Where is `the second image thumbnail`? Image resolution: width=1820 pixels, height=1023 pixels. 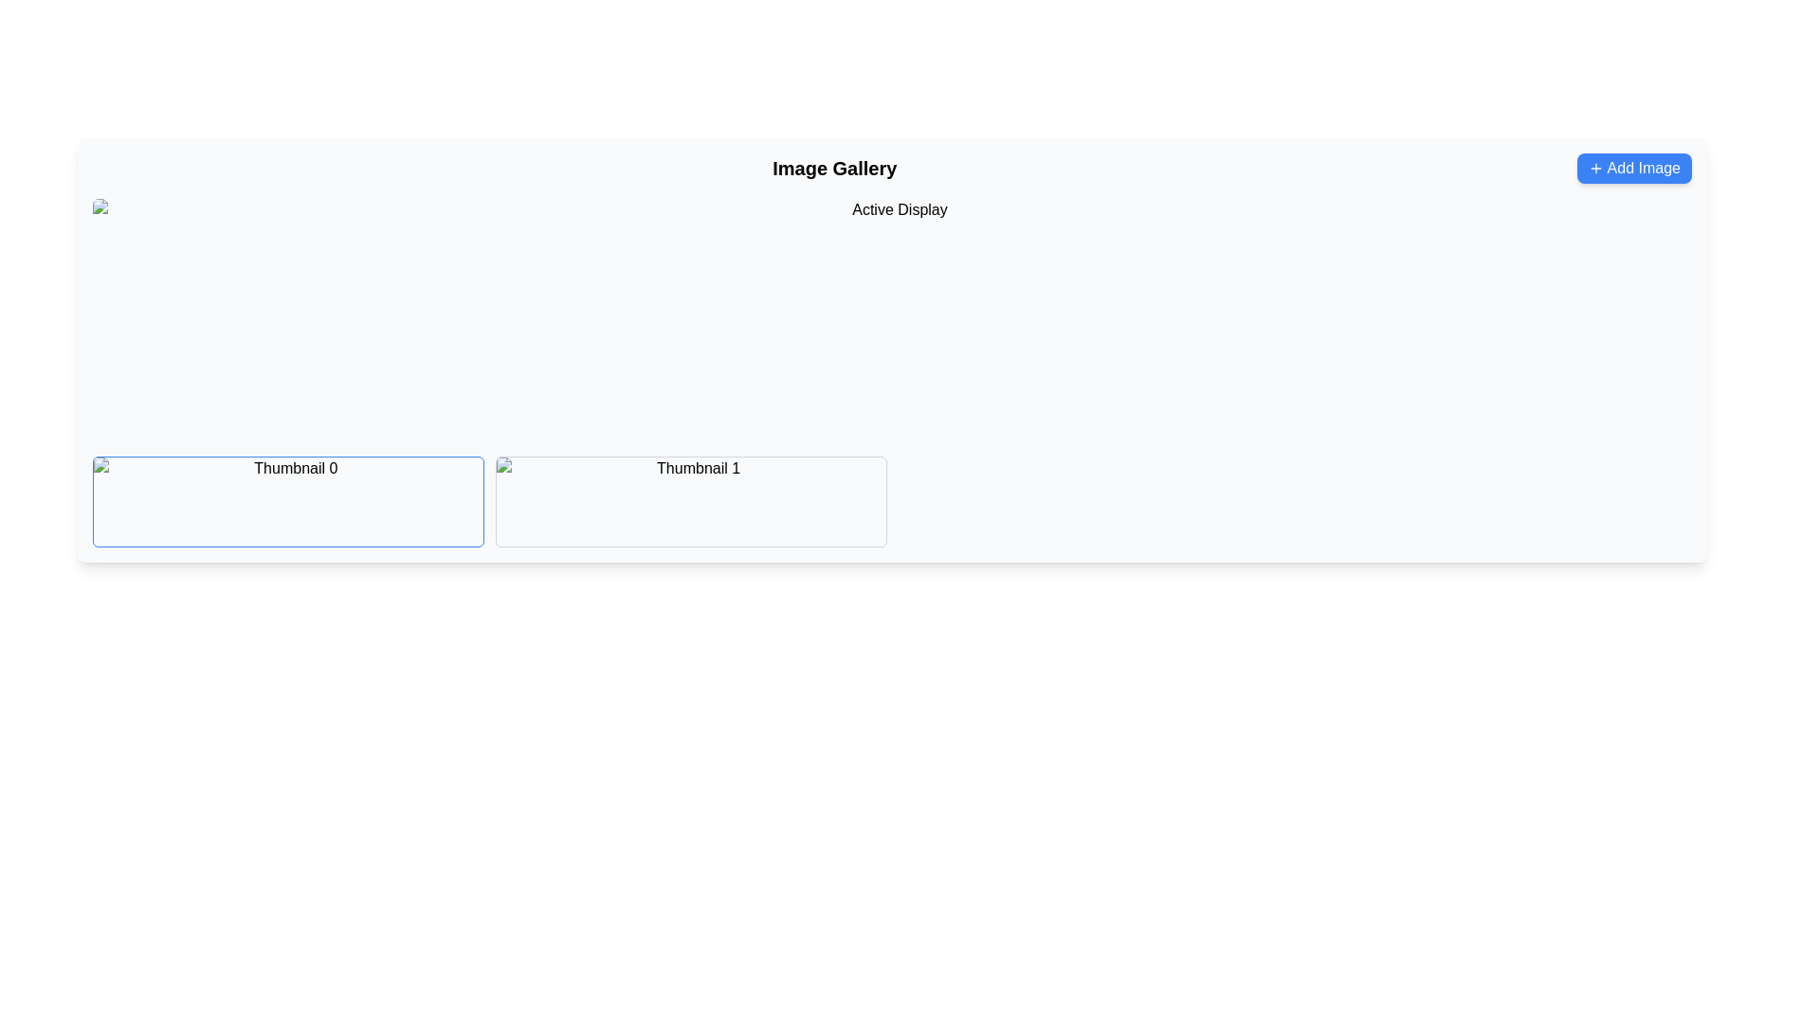
the second image thumbnail is located at coordinates (690, 500).